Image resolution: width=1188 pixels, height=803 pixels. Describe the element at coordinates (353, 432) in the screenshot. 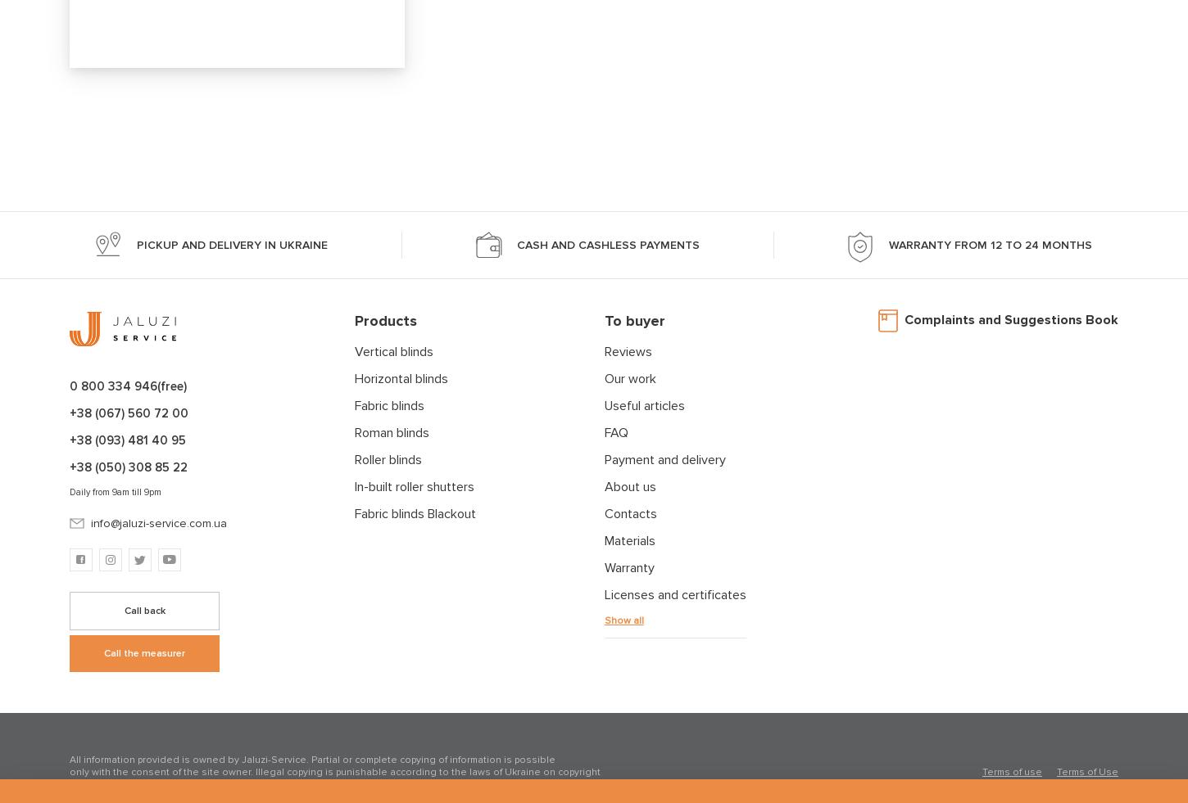

I see `'Roman blinds'` at that location.